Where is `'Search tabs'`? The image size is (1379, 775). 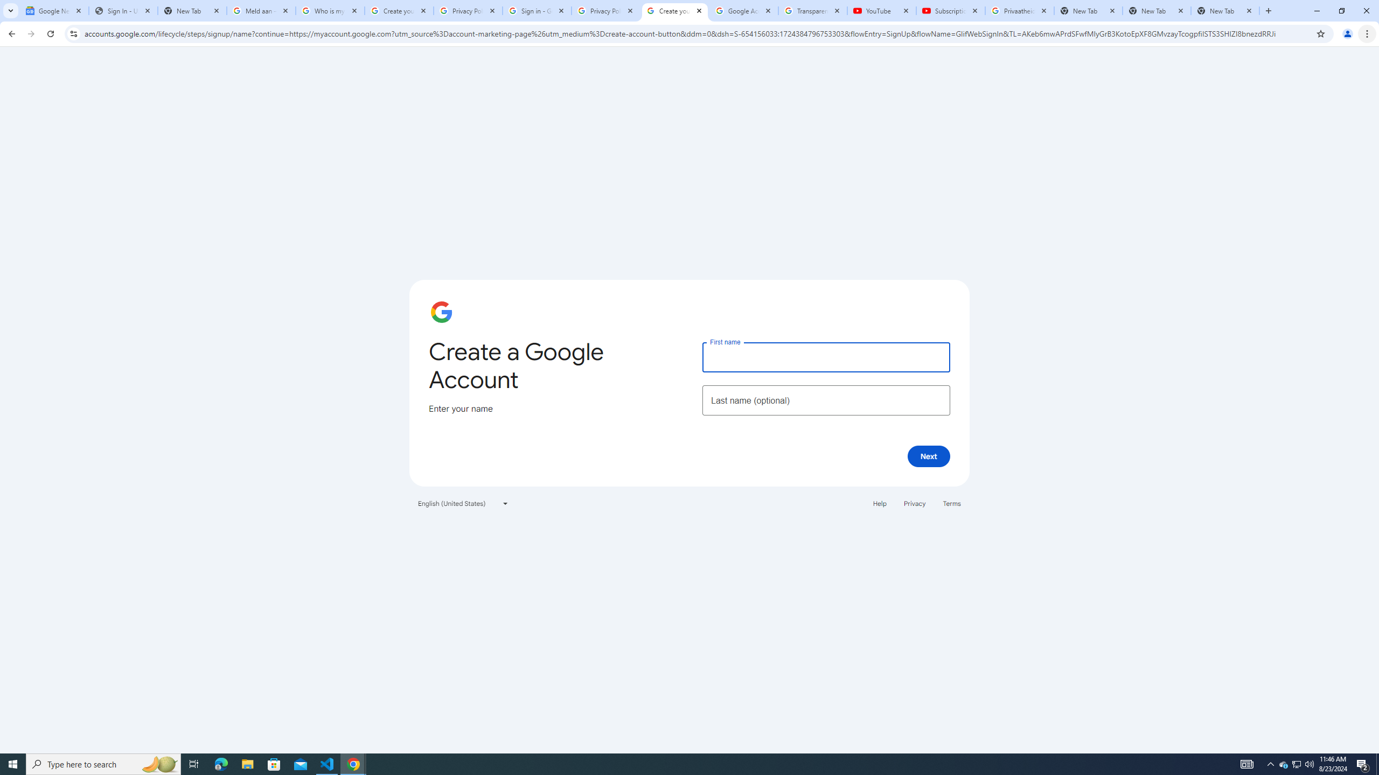 'Search tabs' is located at coordinates (10, 10).